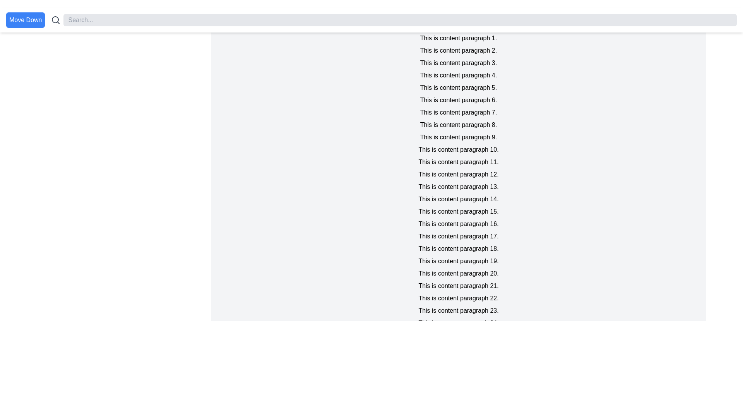 The width and height of the screenshot is (743, 418). Describe the element at coordinates (459, 87) in the screenshot. I see `the fifth paragraph in the textual list that provides static content to the user` at that location.